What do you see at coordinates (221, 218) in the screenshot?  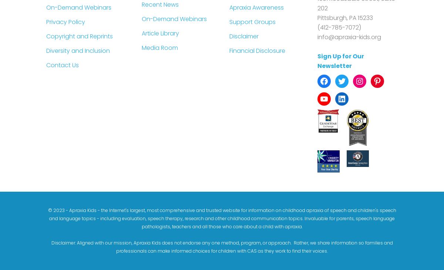 I see `'© 2023 - Apraxia Kids - the Internet's largest, most comprehensive and trusted website for information on childhood apraxia of speech and children's speech and language topics - including evaluation, speech therapy, research and other childhood communication topics. Invaluable for parents, speech language pathologists, teachers and all those who care about a child with apraxia.'` at bounding box center [221, 218].